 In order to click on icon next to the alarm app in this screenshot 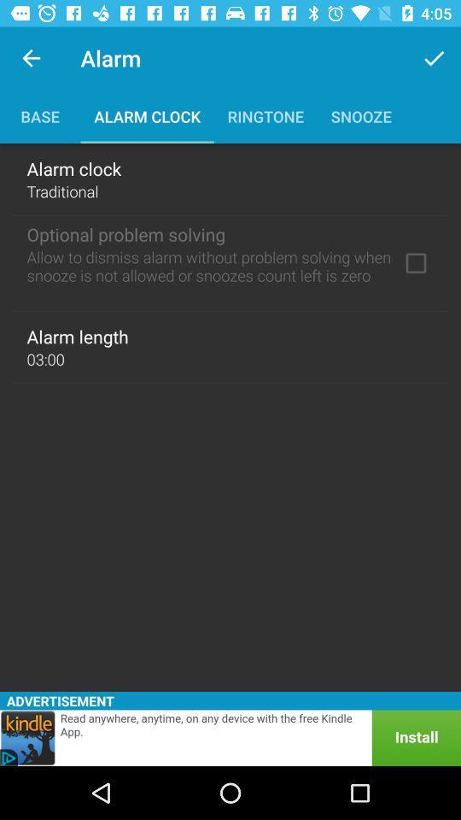, I will do `click(434, 58)`.